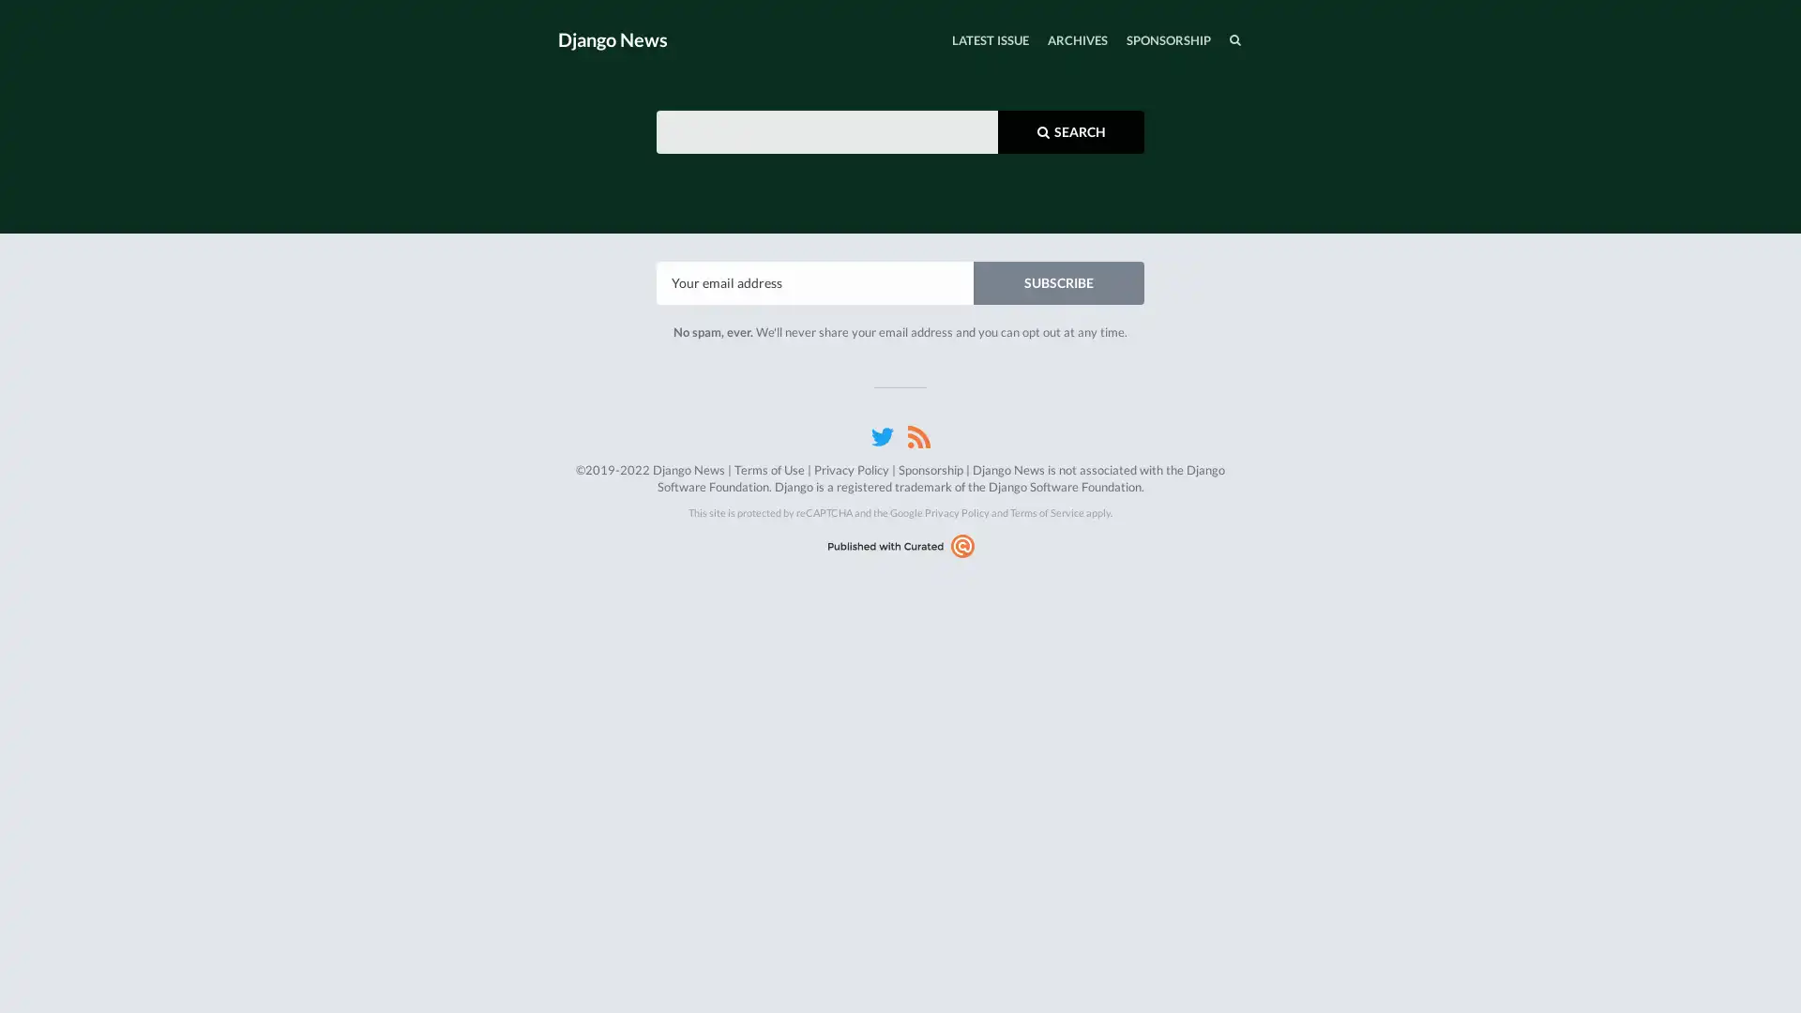  I want to click on SUBSCRIBE, so click(1058, 281).